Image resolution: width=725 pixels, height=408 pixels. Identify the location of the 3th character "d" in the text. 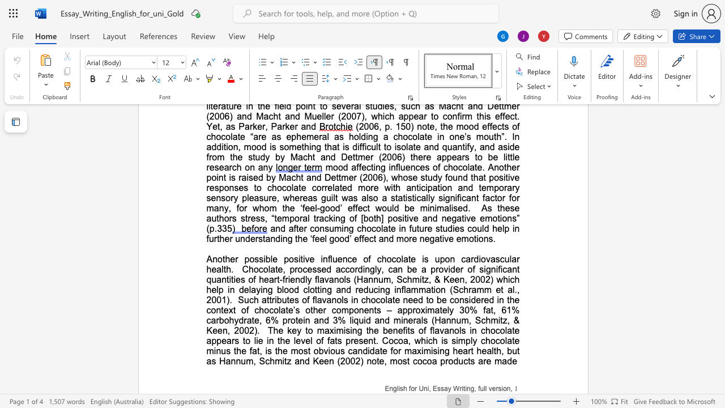
(452, 269).